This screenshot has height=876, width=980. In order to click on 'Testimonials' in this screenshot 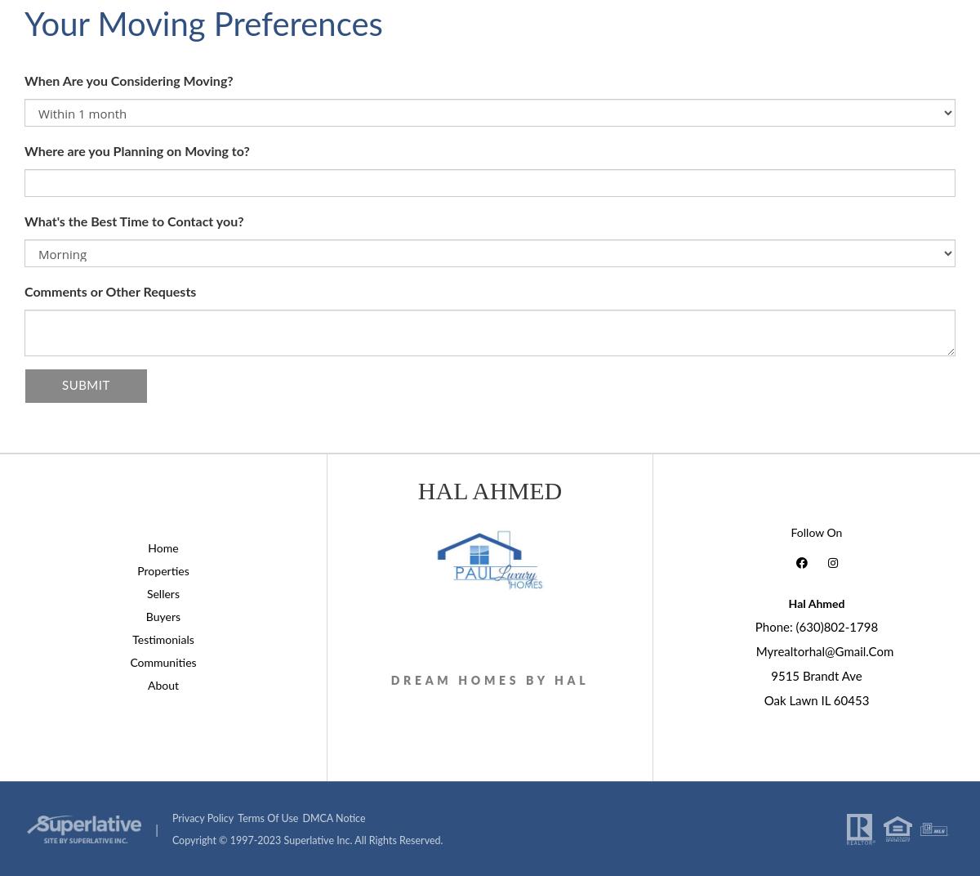, I will do `click(162, 640)`.